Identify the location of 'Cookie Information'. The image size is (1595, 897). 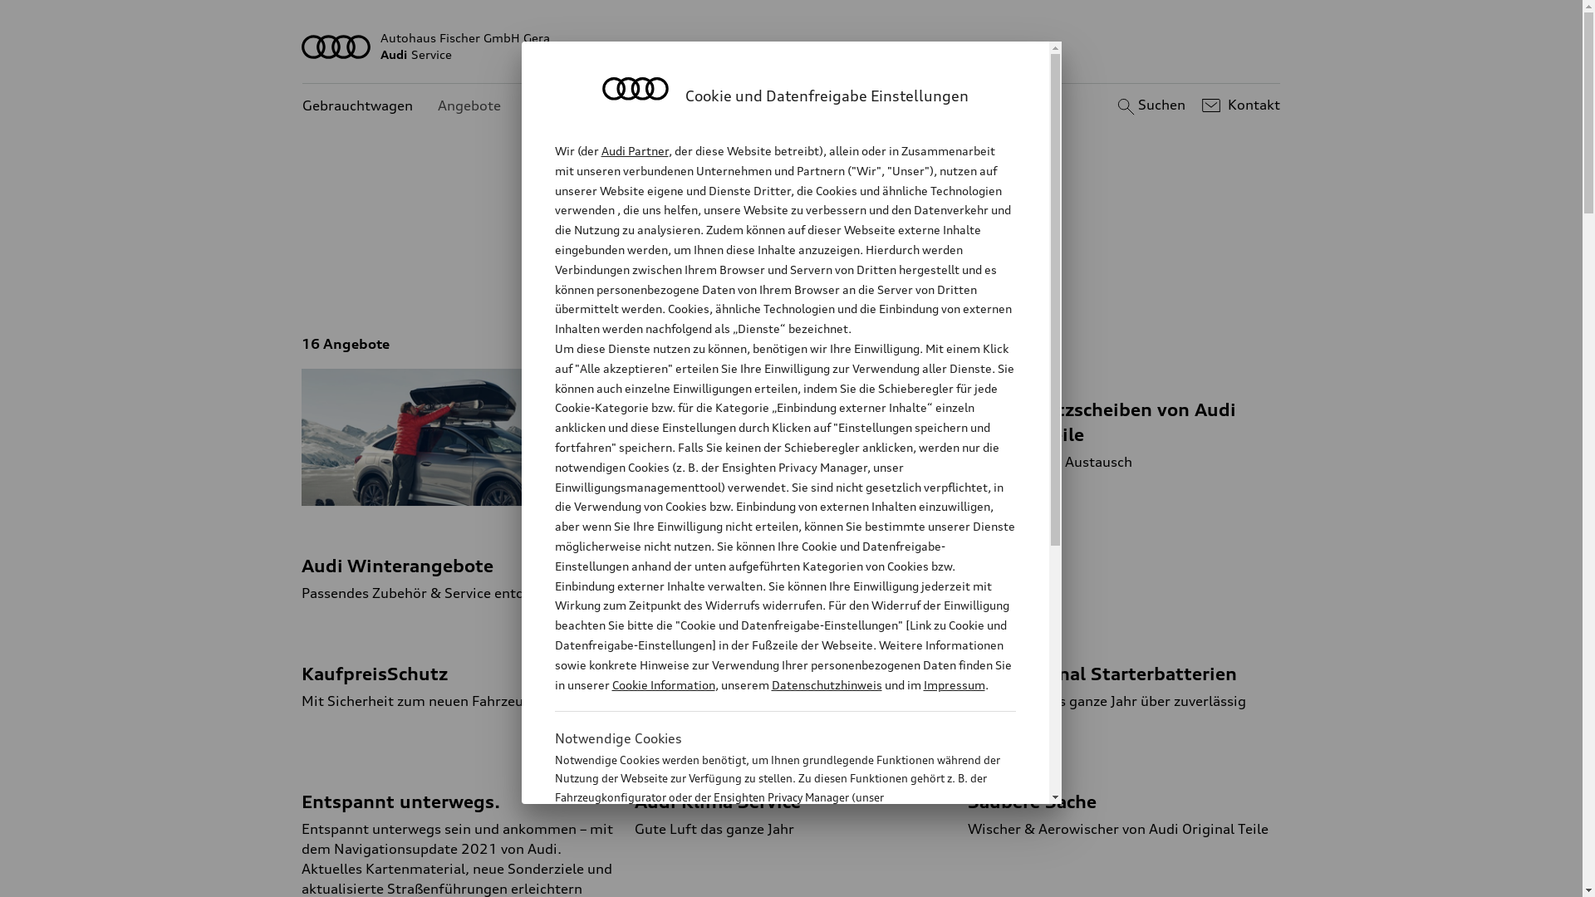
(661, 684).